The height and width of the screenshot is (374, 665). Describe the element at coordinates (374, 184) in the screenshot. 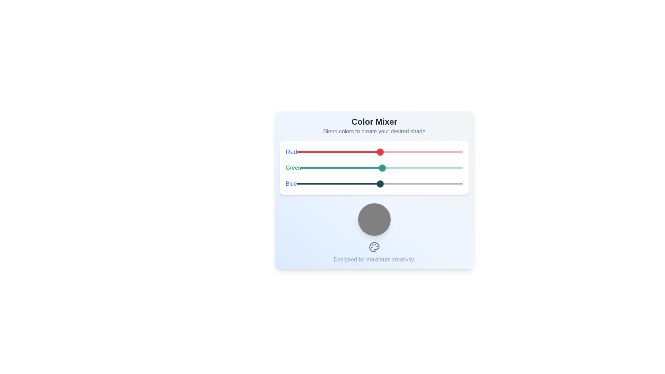

I see `the Blue channel` at that location.